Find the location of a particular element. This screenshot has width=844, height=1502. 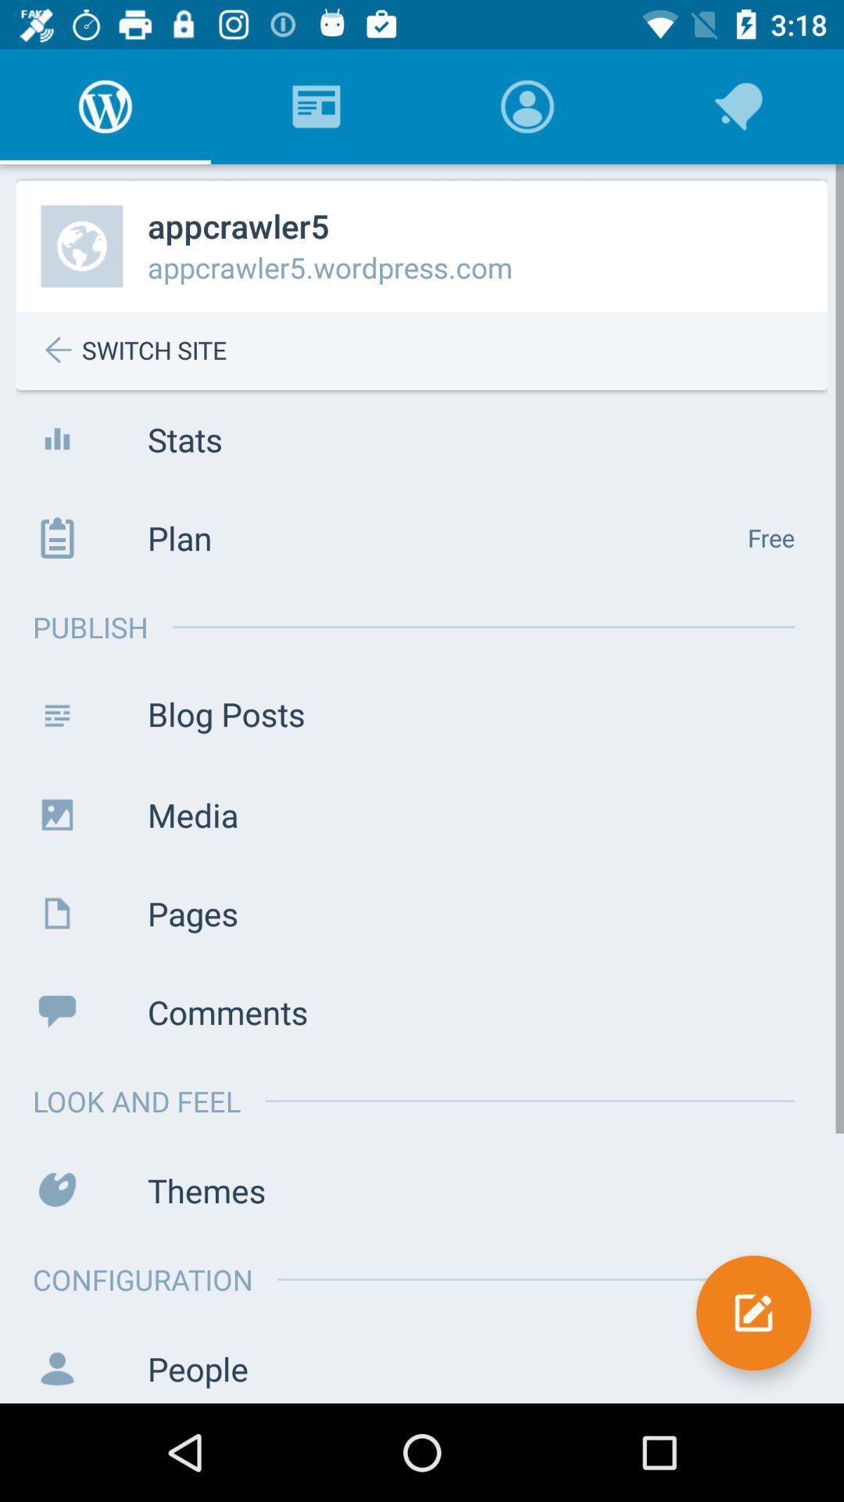

the icon above stats item is located at coordinates (434, 350).